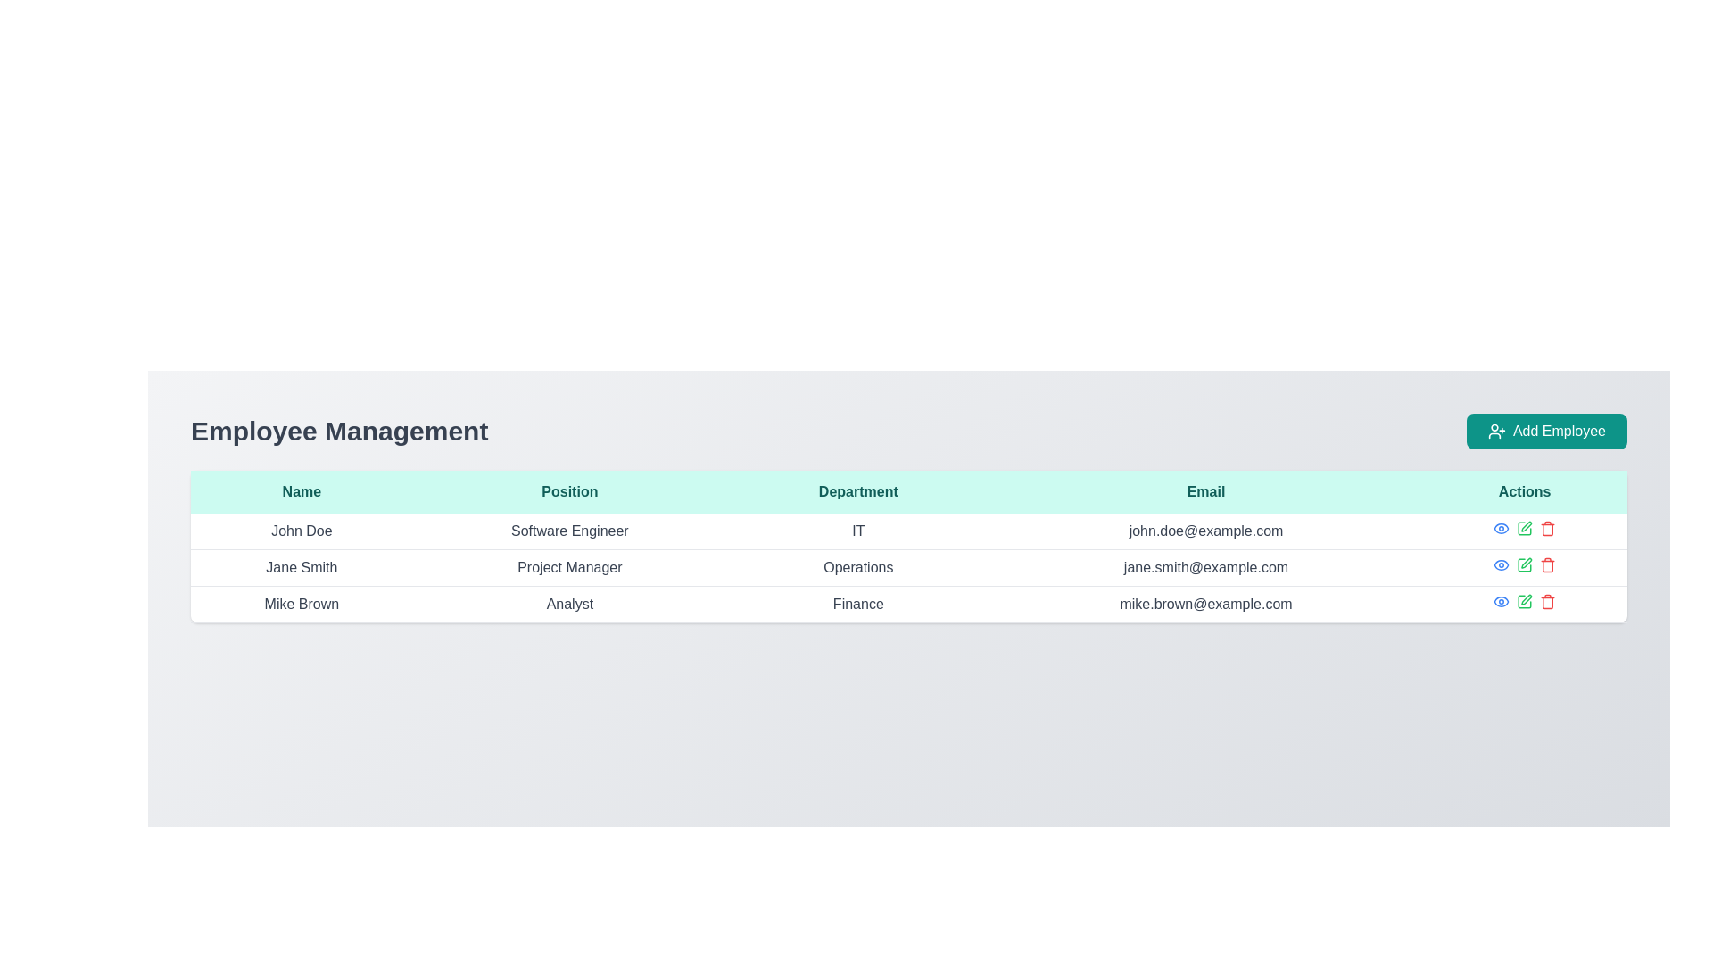 The image size is (1713, 963). What do you see at coordinates (1501, 564) in the screenshot?
I see `the eye icon button in the 'Actions' column of the second row` at bounding box center [1501, 564].